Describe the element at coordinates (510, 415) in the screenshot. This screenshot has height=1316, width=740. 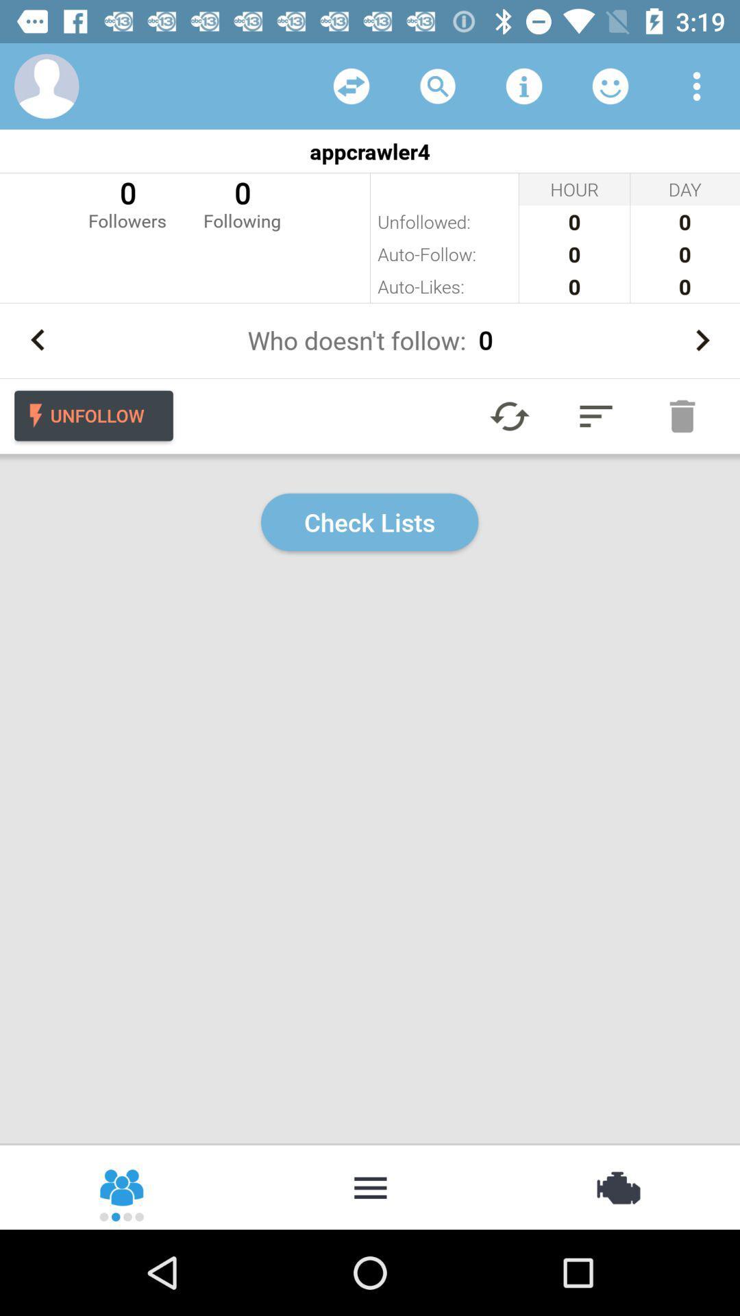
I see `the icon to the right of unfollow` at that location.